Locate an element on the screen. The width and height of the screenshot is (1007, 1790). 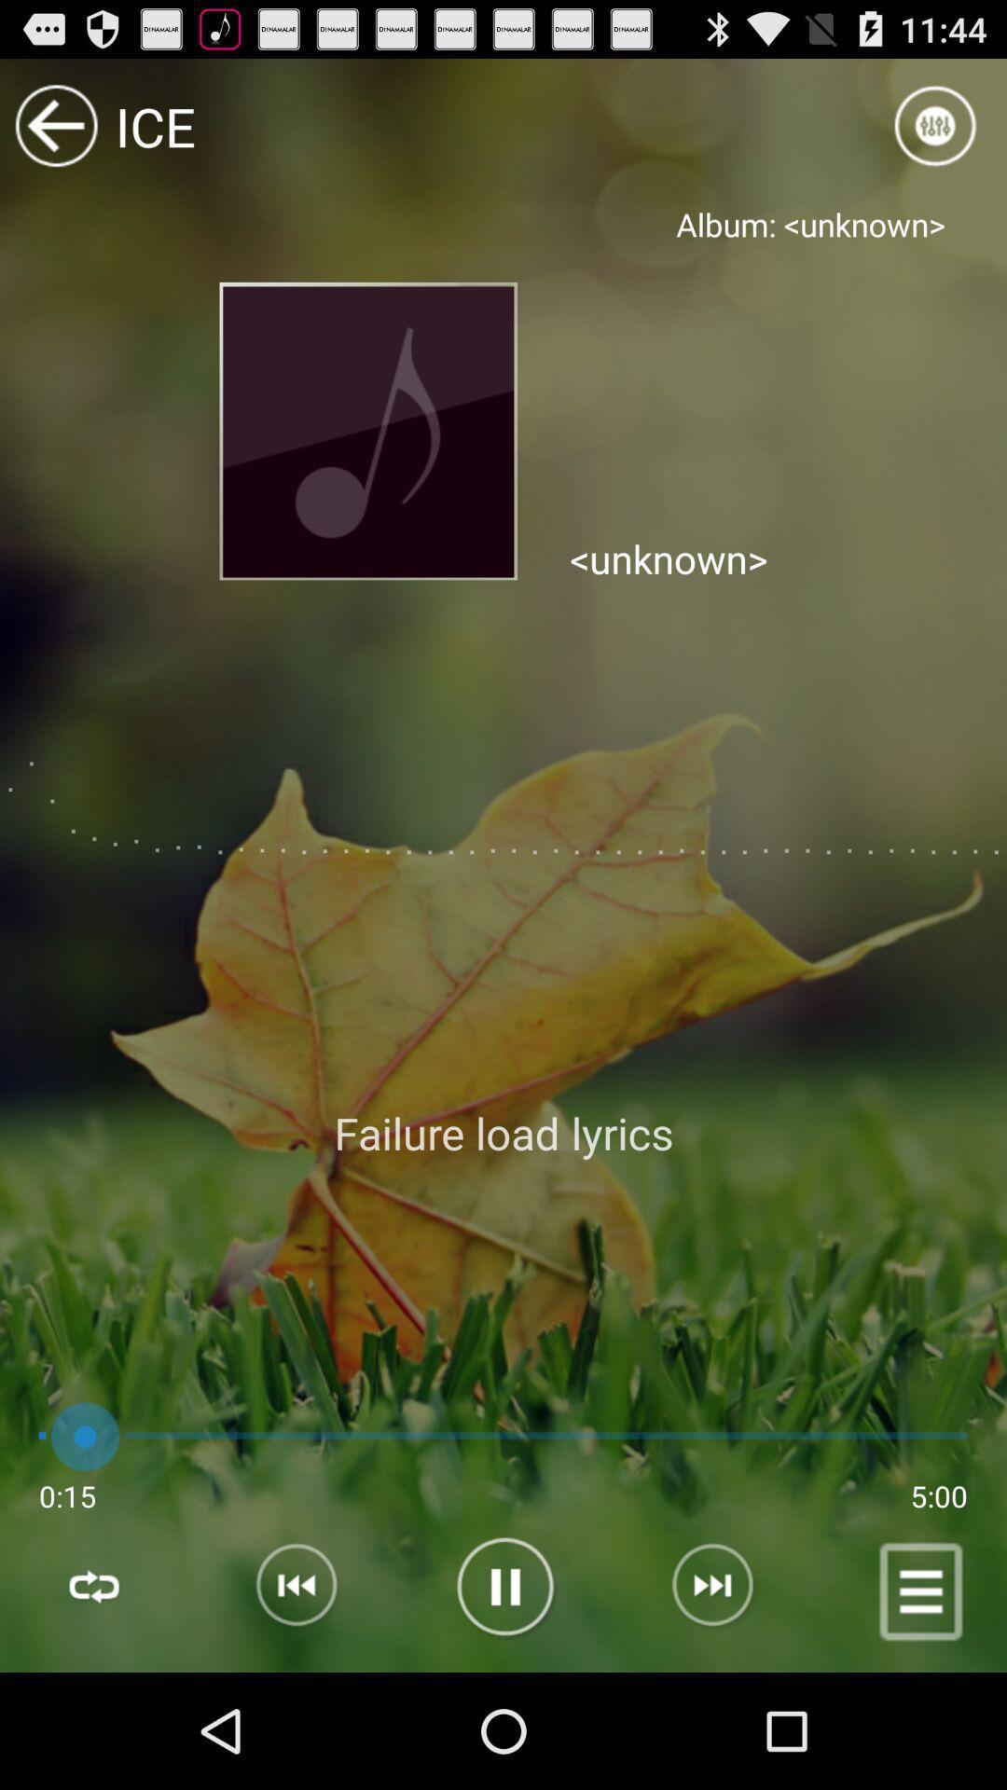
the arrow_backward icon is located at coordinates (55, 133).